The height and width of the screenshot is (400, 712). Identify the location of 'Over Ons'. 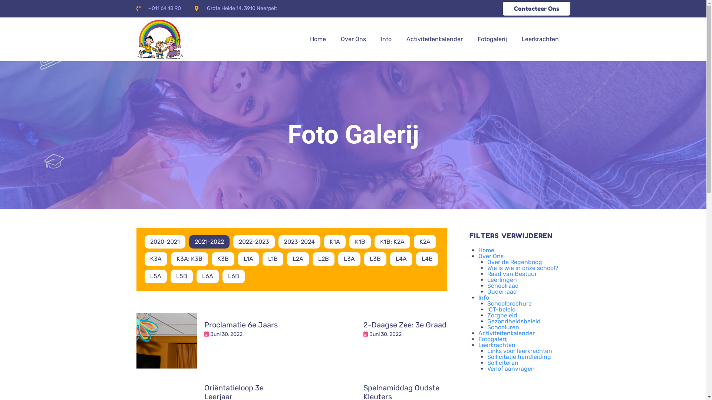
(491, 256).